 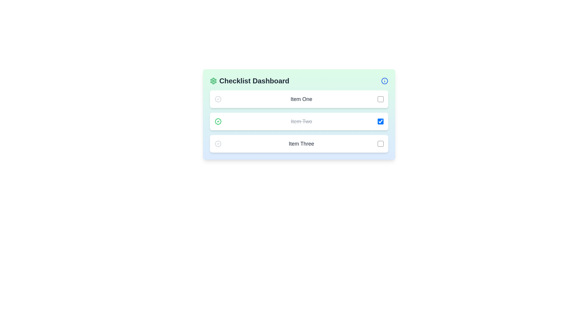 I want to click on the completed task label located in the second row of the checklist, which is marked with a strikethrough style and situated between a green checkmark icon and a blue-checked checkbox, so click(x=301, y=121).